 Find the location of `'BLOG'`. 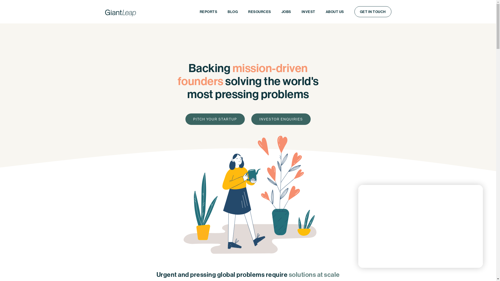

'BLOG' is located at coordinates (232, 12).